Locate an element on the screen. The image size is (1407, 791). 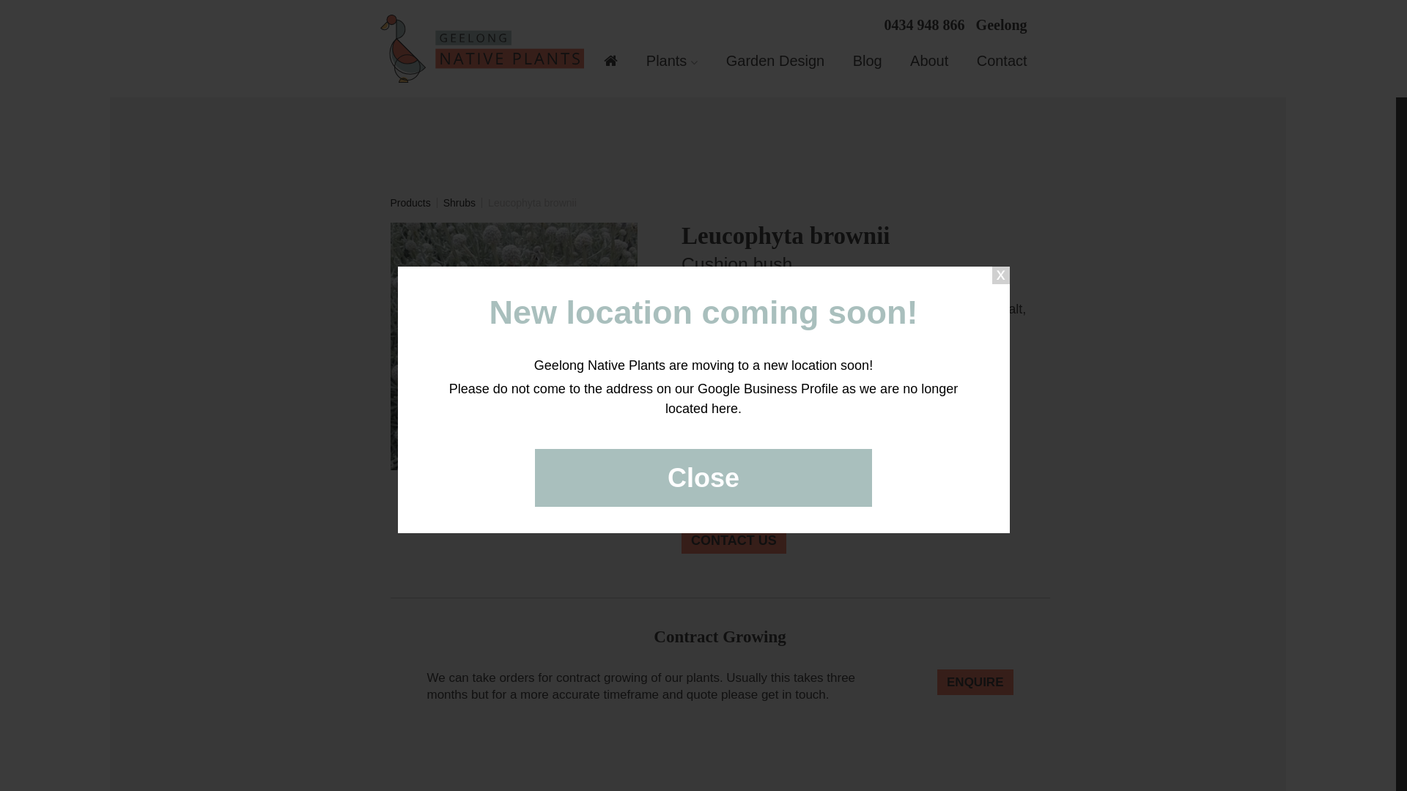
'Products' is located at coordinates (410, 203).